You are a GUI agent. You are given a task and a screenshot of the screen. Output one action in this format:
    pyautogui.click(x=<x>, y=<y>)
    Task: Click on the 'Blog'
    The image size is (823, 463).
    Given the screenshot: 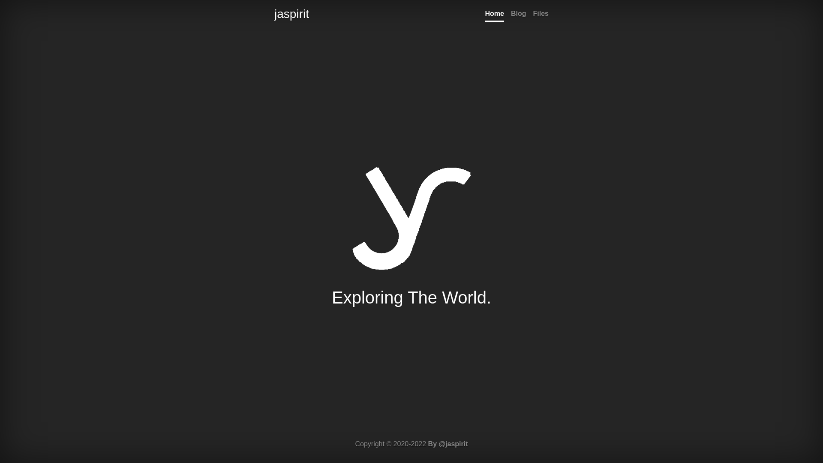 What is the action you would take?
    pyautogui.click(x=518, y=15)
    